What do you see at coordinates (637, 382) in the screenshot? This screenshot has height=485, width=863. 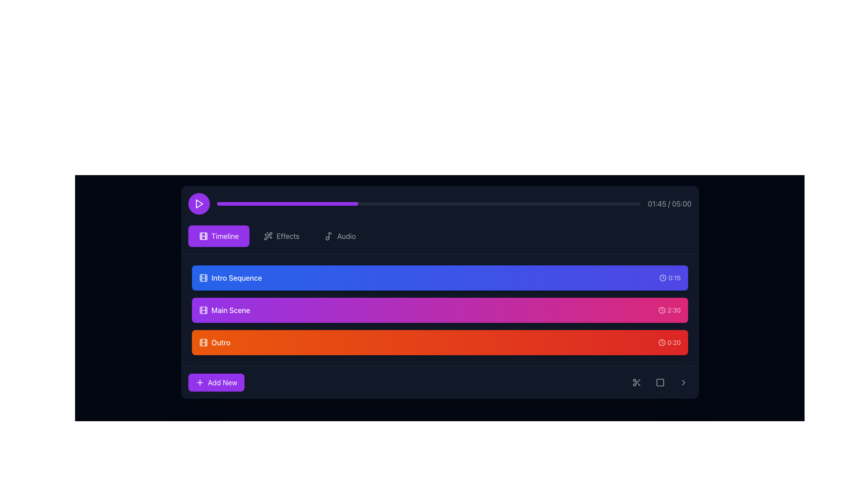 I see `the decorative scissors icon component, which is part of a larger SVG representation of a scissors icon, positioned above and to the right of the lower-left circle` at bounding box center [637, 382].